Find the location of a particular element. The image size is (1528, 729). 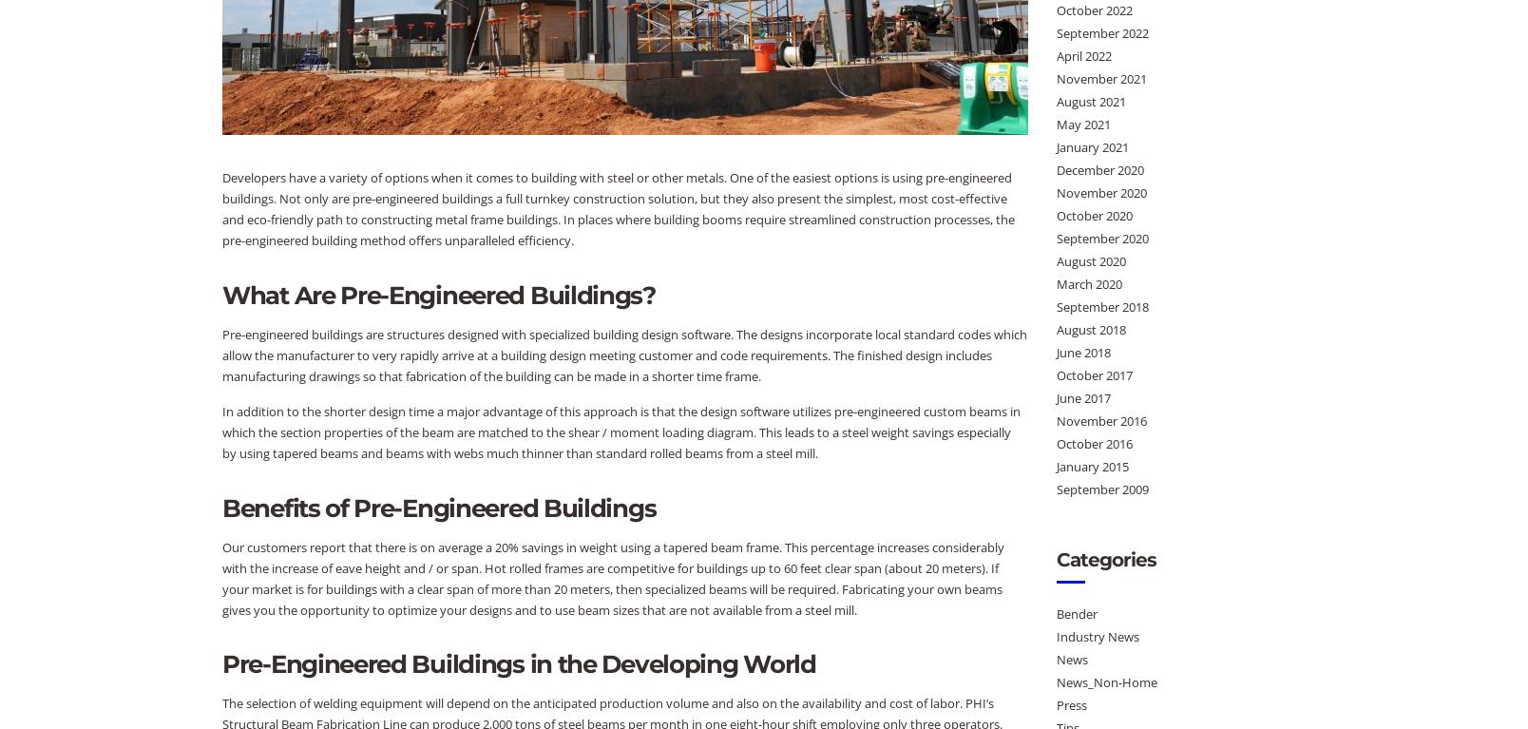

'November 2021' is located at coordinates (1100, 76).